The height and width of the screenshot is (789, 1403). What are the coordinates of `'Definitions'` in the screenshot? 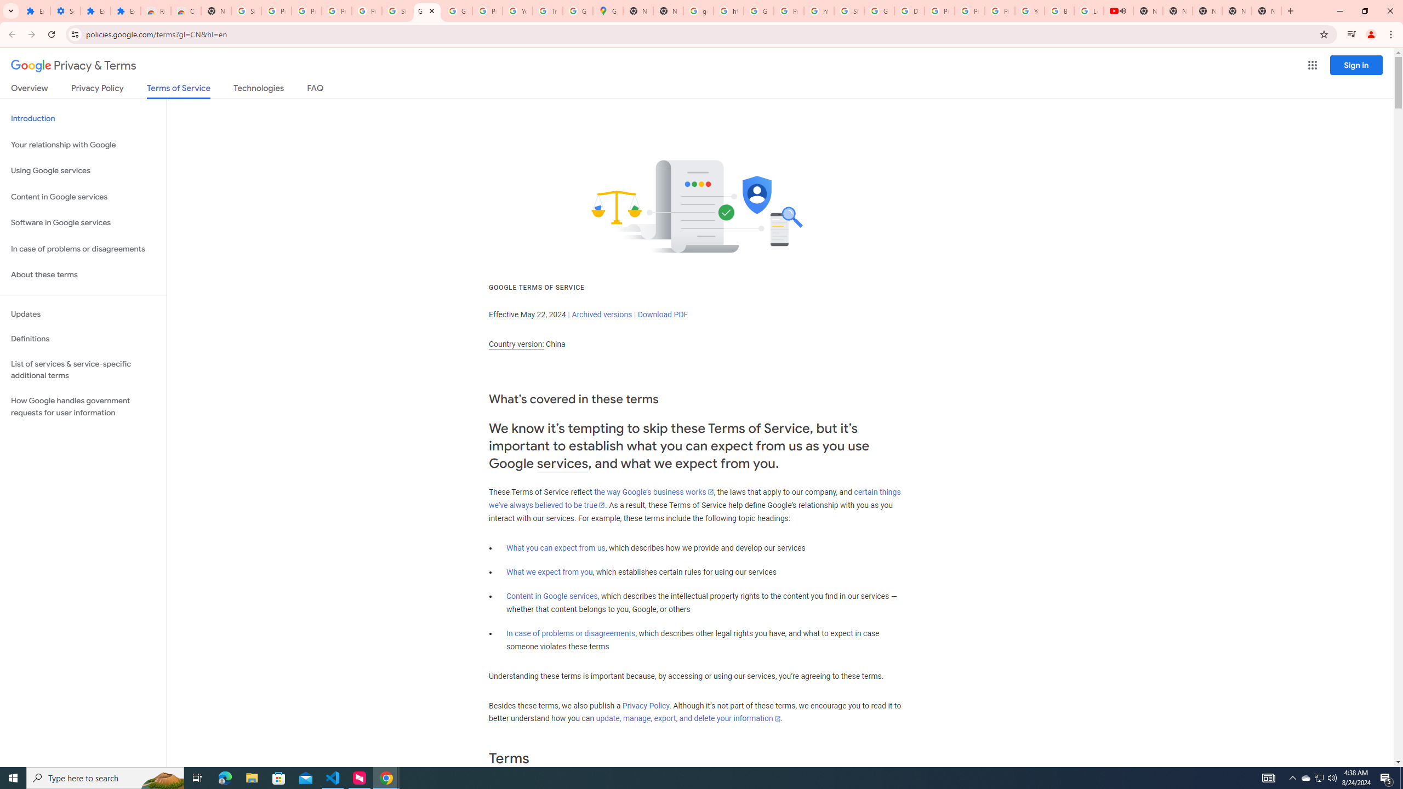 It's located at (83, 339).